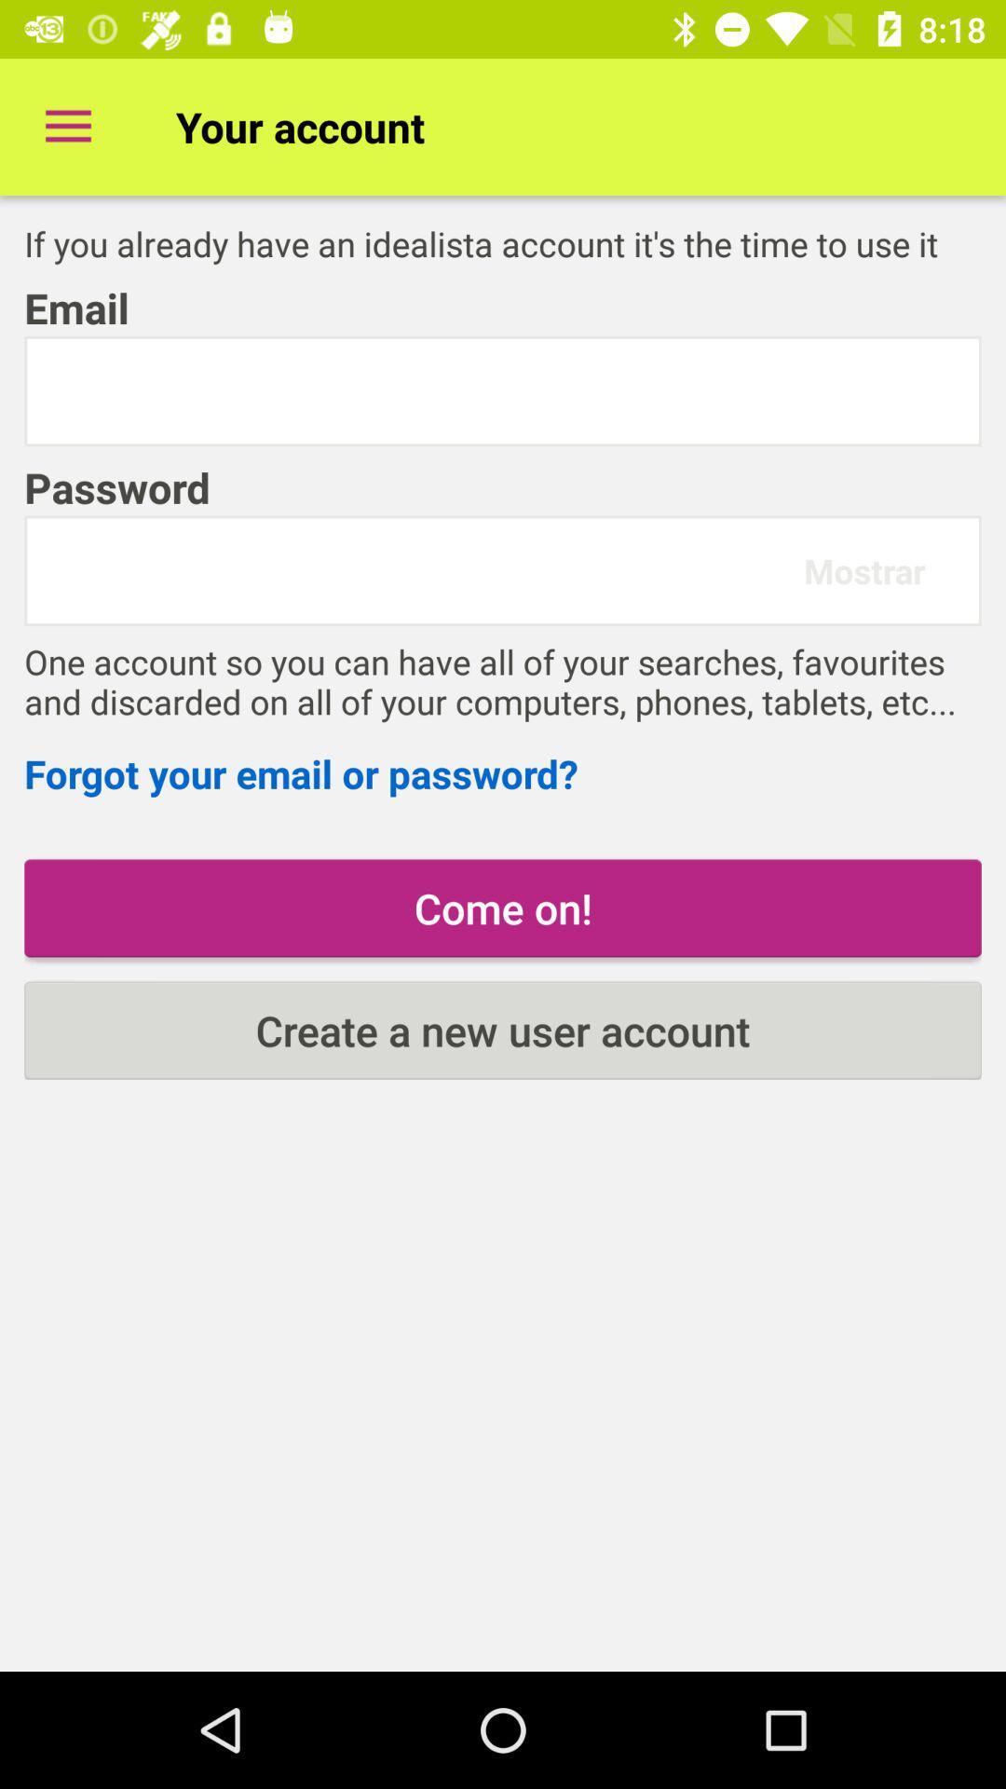 Image resolution: width=1006 pixels, height=1789 pixels. What do you see at coordinates (503, 1030) in the screenshot?
I see `the icon below the come on!` at bounding box center [503, 1030].